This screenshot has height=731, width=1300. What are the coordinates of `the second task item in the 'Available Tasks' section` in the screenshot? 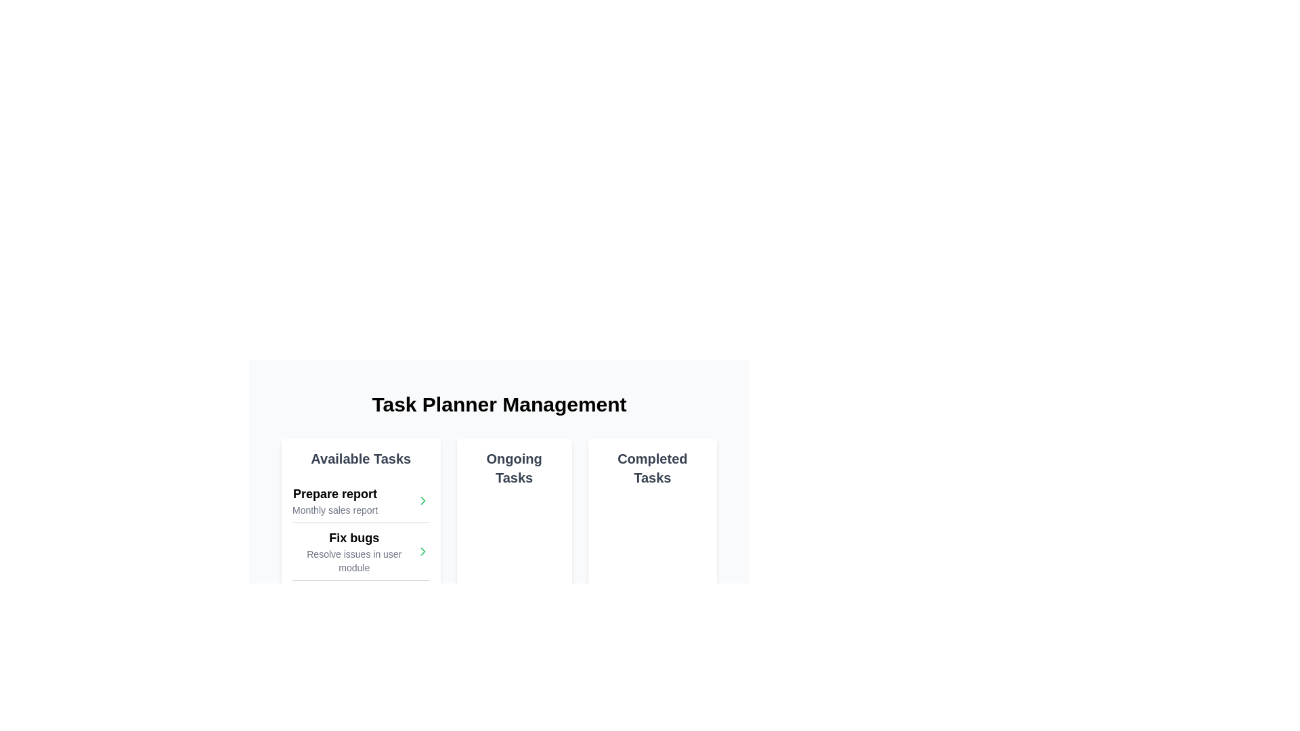 It's located at (354, 551).